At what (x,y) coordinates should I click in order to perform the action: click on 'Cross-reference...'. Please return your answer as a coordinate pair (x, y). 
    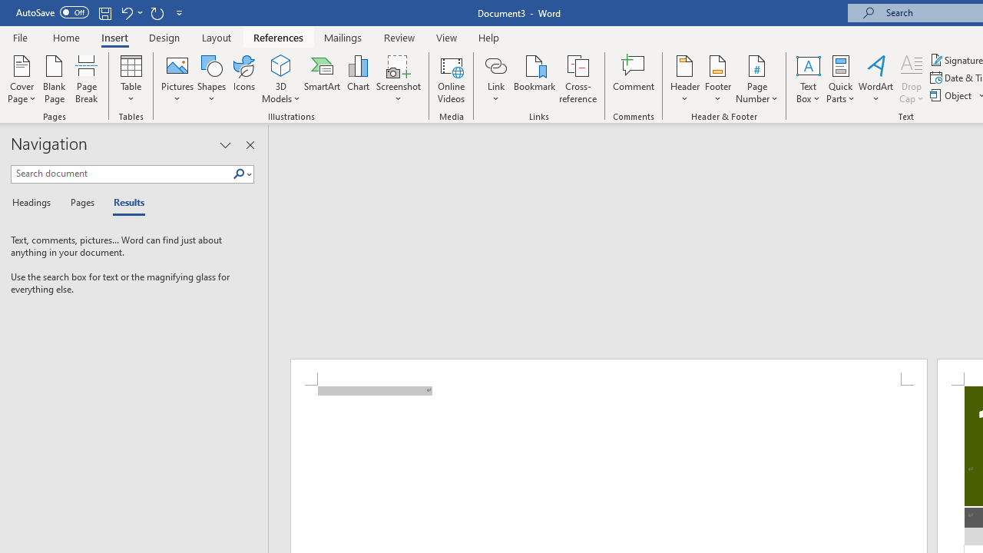
    Looking at the image, I should click on (577, 79).